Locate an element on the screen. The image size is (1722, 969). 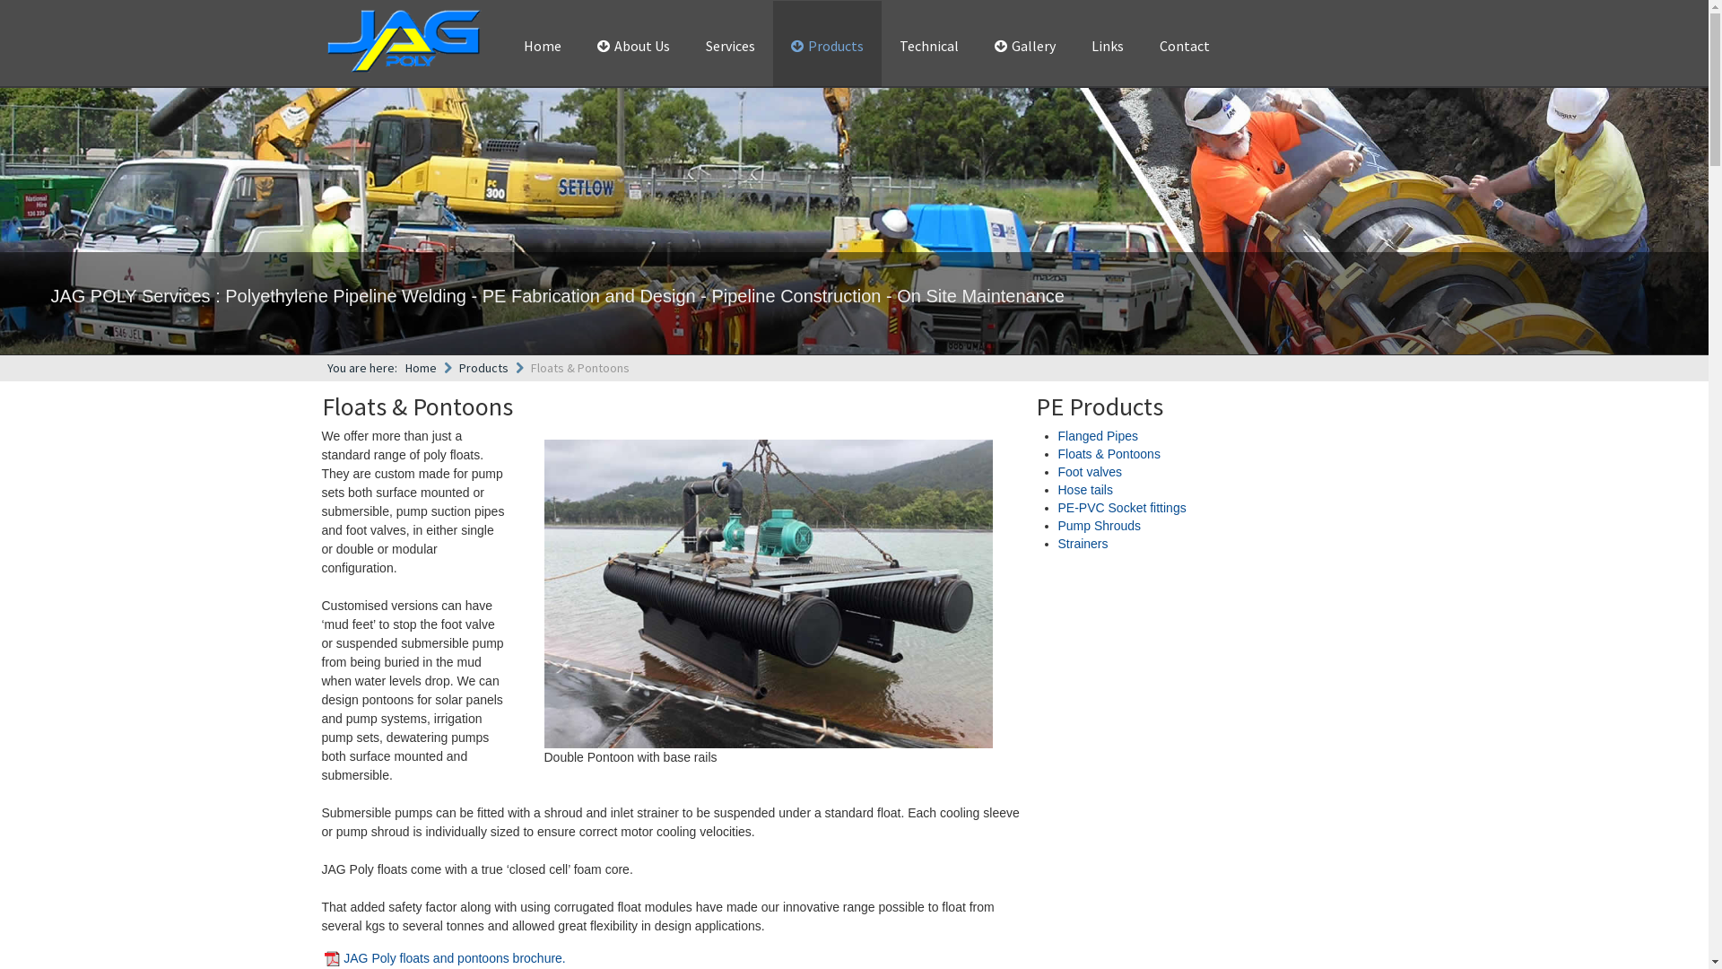
'Home' is located at coordinates (541, 45).